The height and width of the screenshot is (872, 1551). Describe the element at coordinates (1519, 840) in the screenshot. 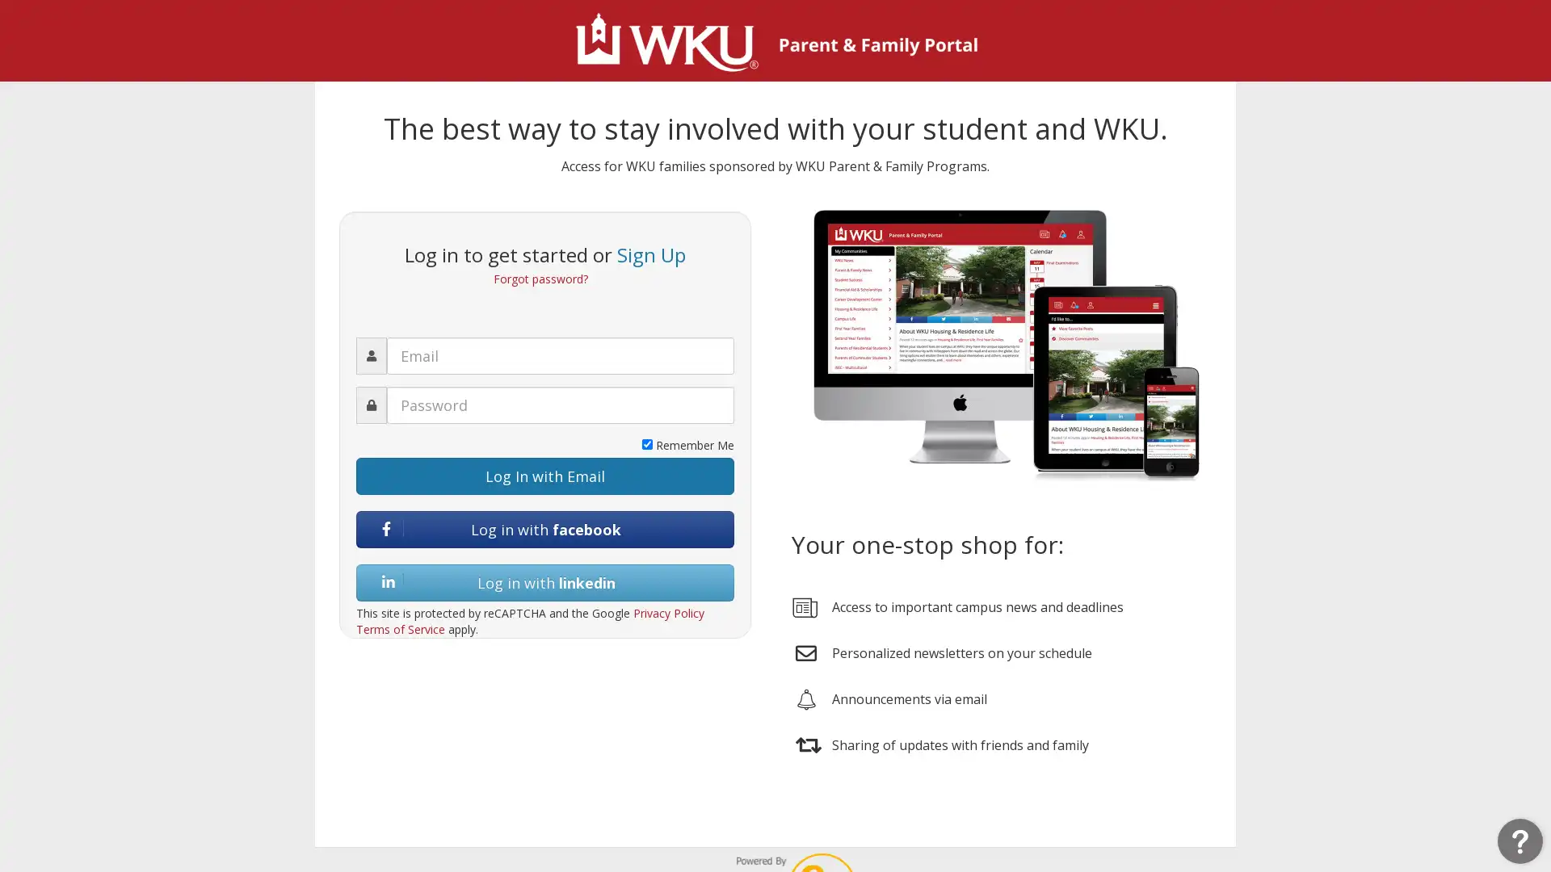

I see `Open Resource Center` at that location.